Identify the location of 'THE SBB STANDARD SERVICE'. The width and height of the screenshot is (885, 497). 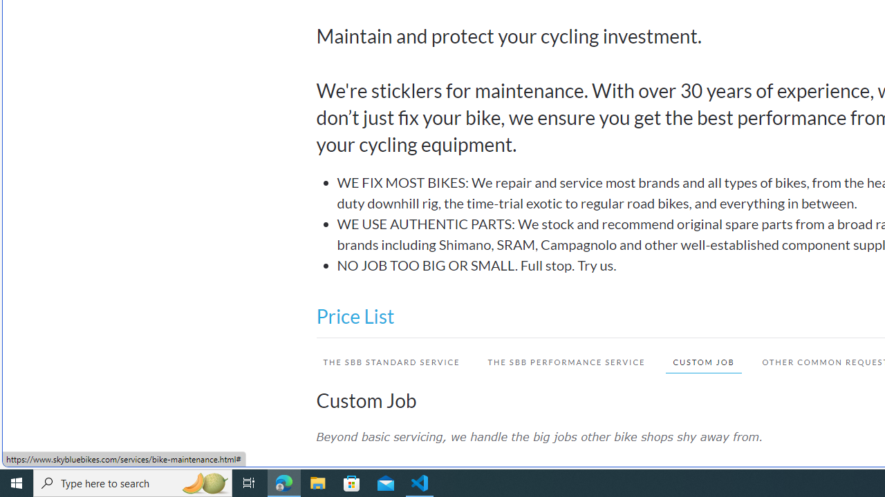
(384, 361).